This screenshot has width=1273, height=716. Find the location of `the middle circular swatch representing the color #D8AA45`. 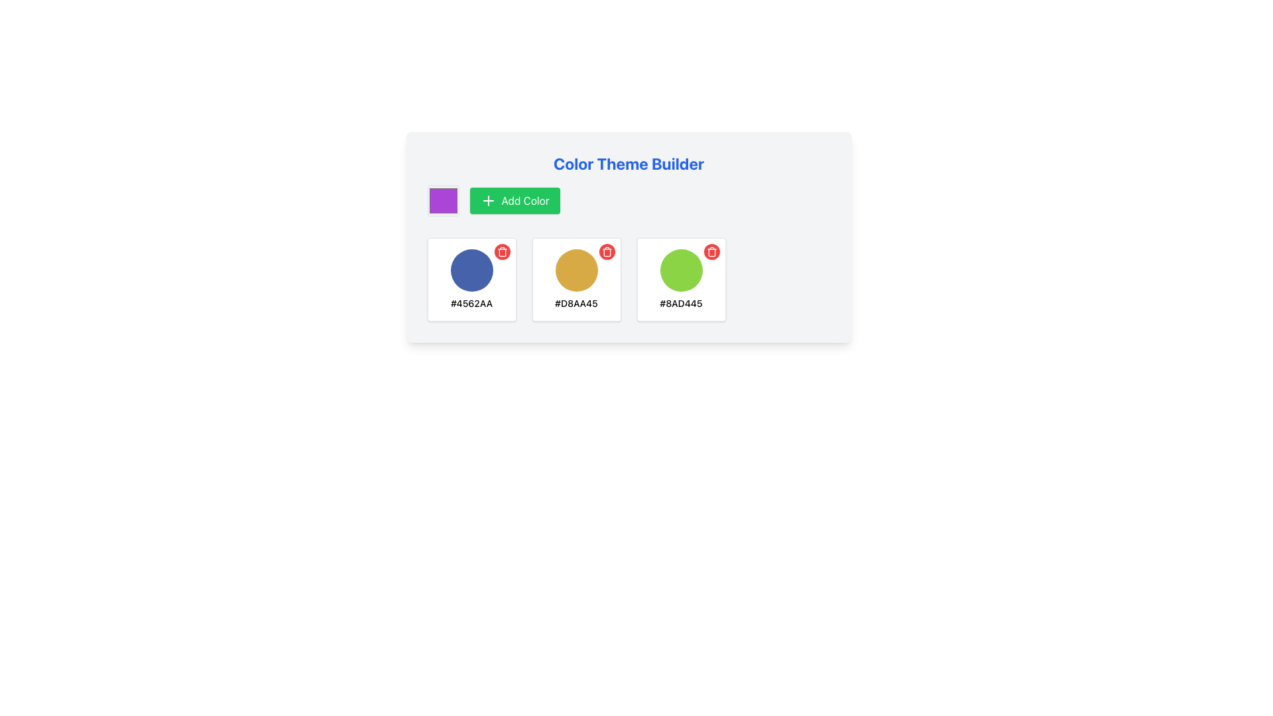

the middle circular swatch representing the color #D8AA45 is located at coordinates (576, 270).